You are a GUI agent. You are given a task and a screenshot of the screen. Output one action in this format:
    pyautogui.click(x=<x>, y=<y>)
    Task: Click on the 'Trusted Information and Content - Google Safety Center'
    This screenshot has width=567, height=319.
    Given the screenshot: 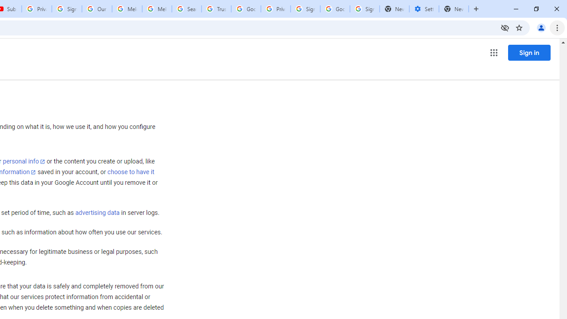 What is the action you would take?
    pyautogui.click(x=216, y=9)
    